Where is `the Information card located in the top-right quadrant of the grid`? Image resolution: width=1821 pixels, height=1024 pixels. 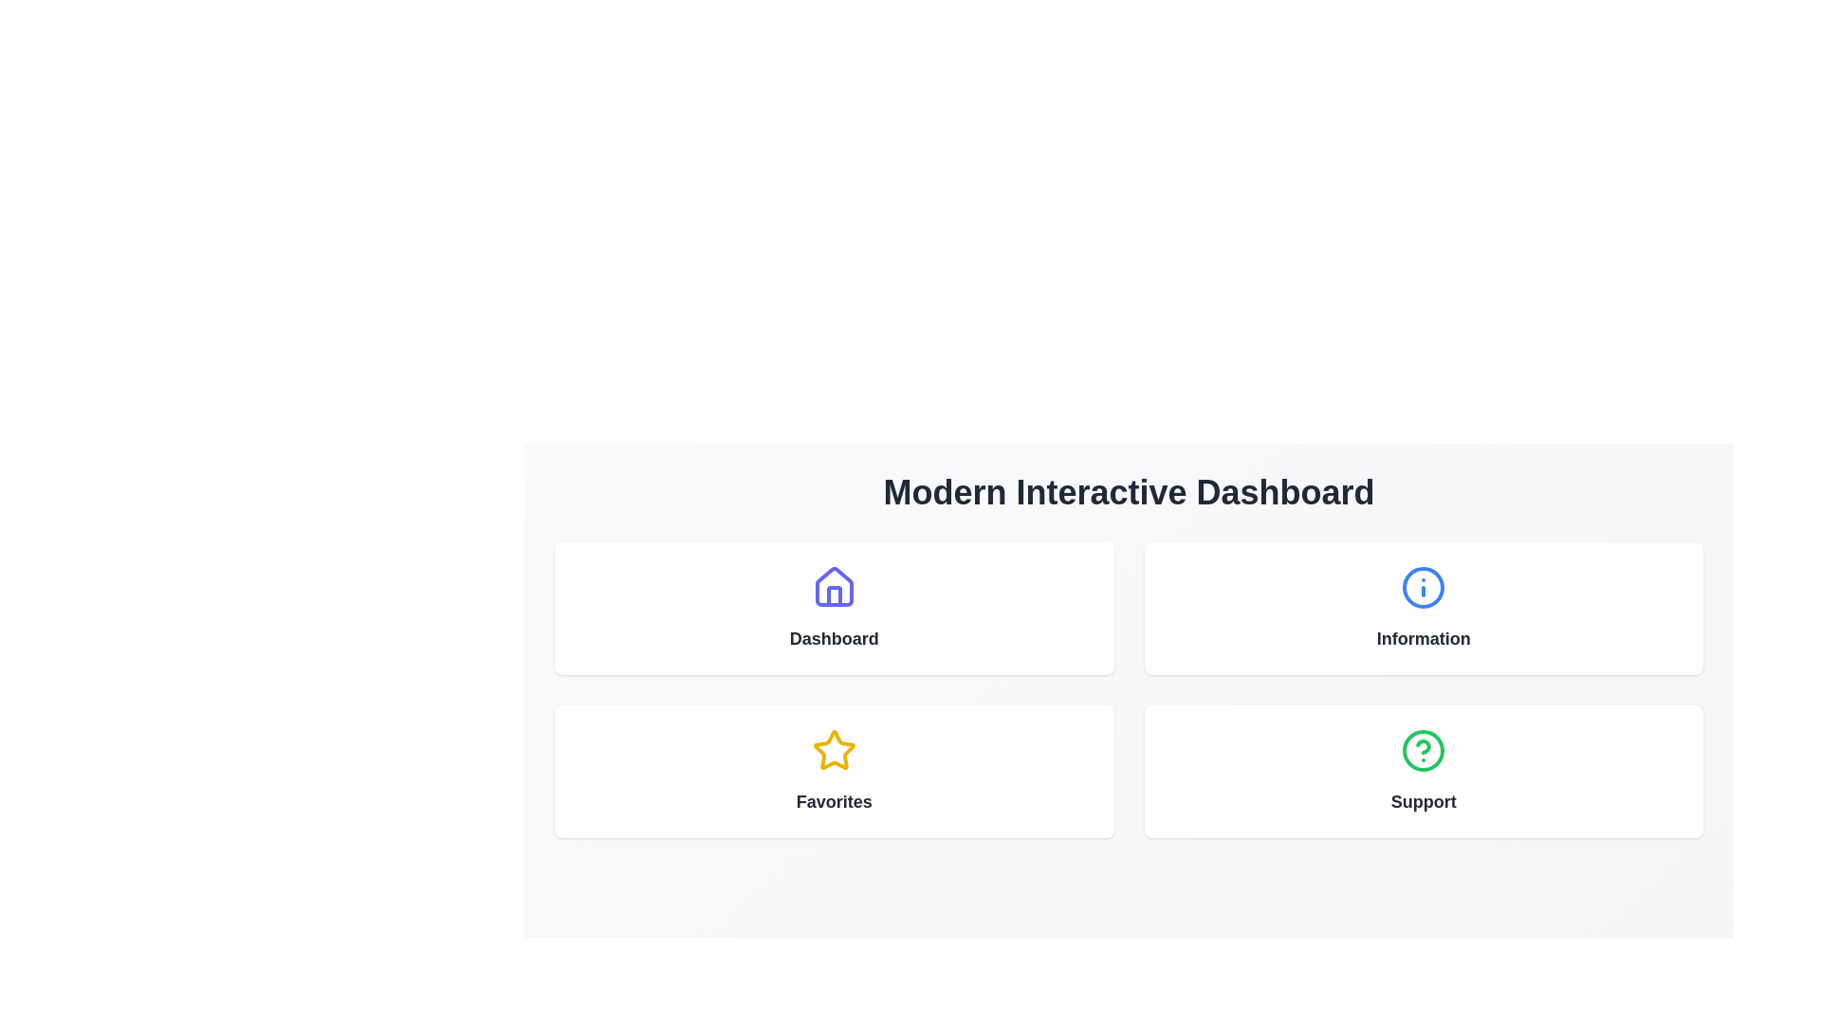 the Information card located in the top-right quadrant of the grid is located at coordinates (1424, 608).